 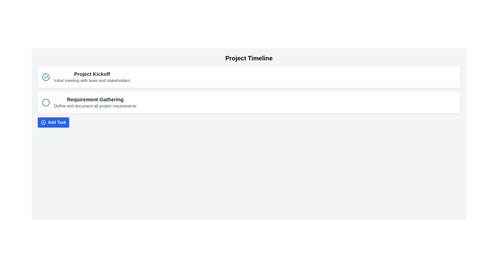 I want to click on the text item labeled 'Project Kickoff' which includes a bold heading and a lighter subheading, located in a white rectangular box within the first task entry, so click(x=92, y=77).